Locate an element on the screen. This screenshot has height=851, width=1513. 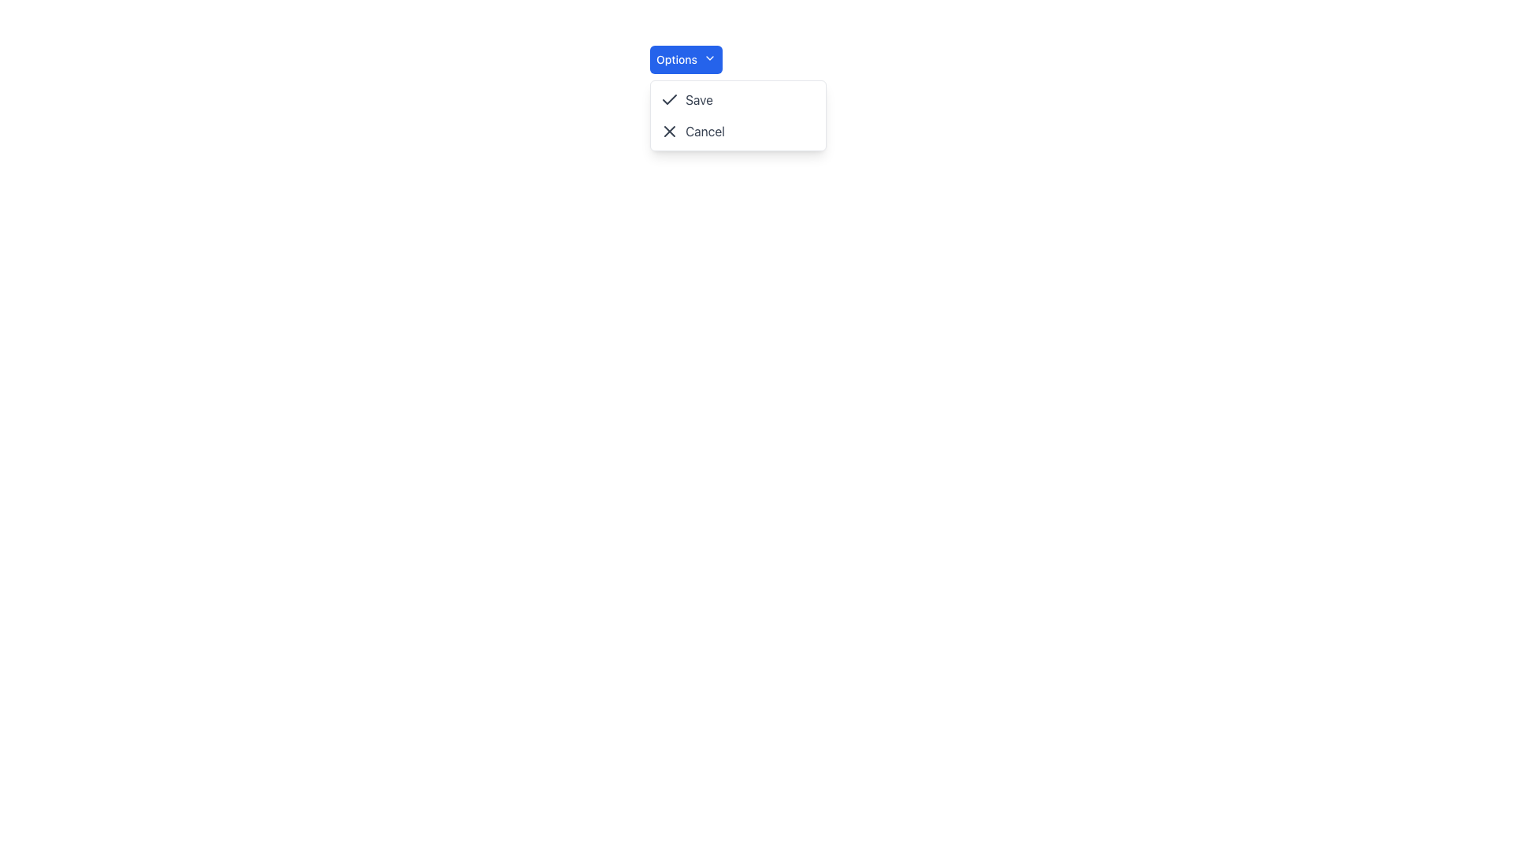
the first button in the vertical list within the dropdown menu, located beneath the blue 'Options' button is located at coordinates (737, 100).